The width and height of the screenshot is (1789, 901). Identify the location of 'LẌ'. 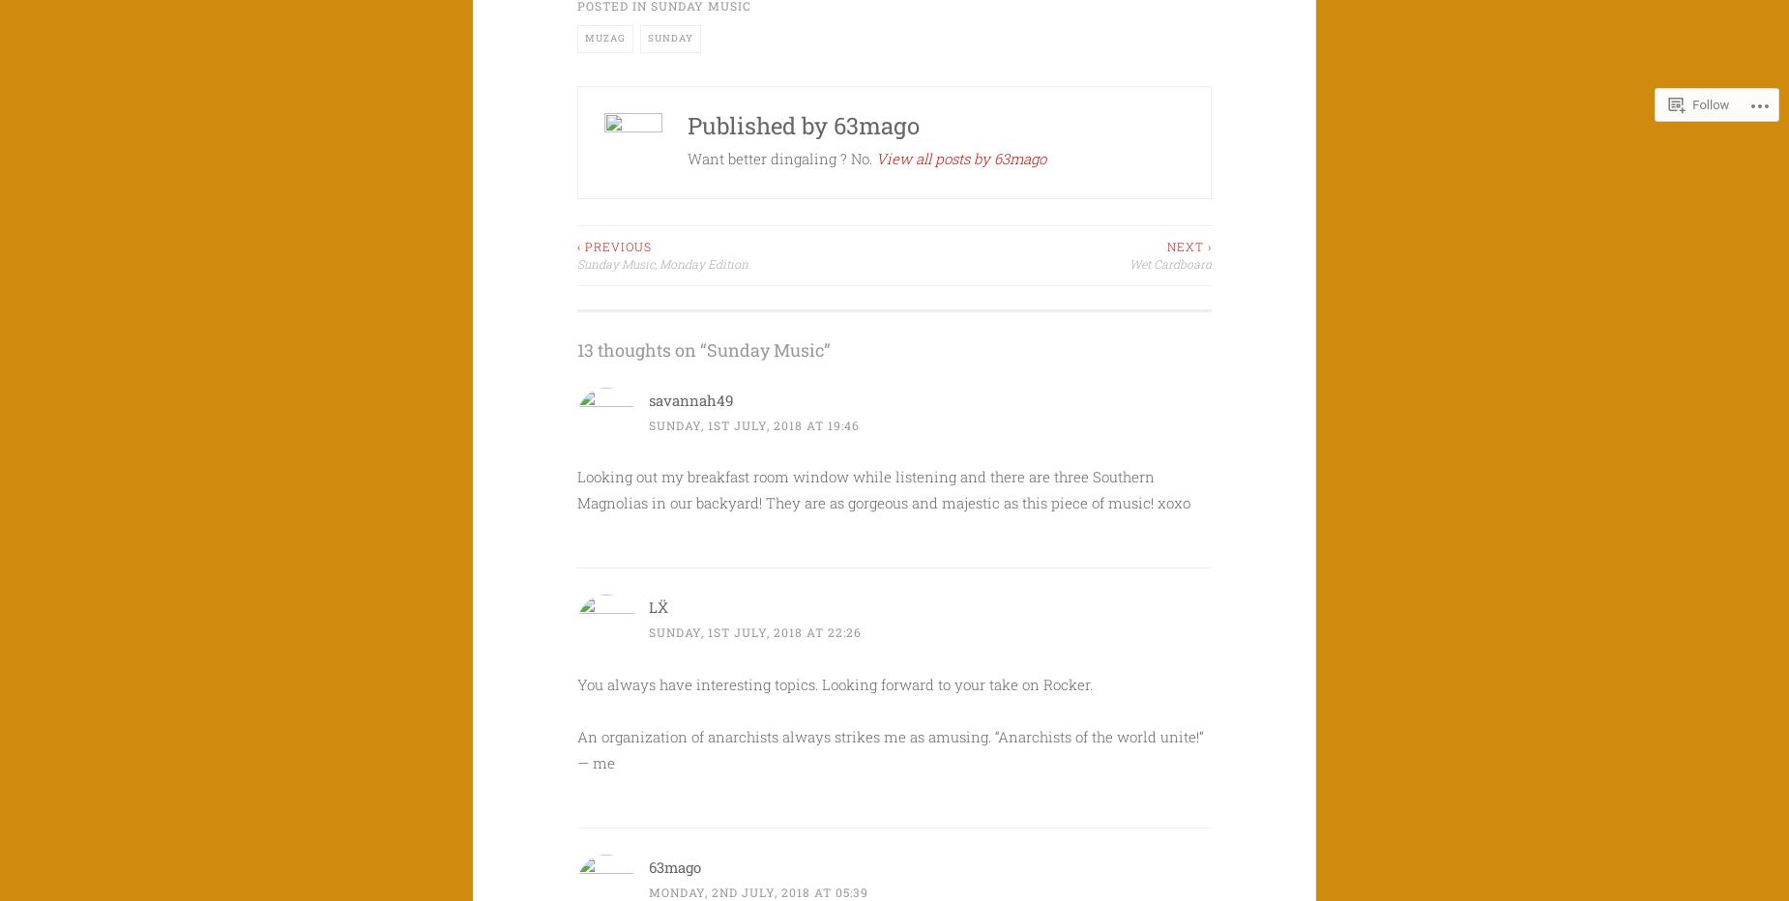
(658, 605).